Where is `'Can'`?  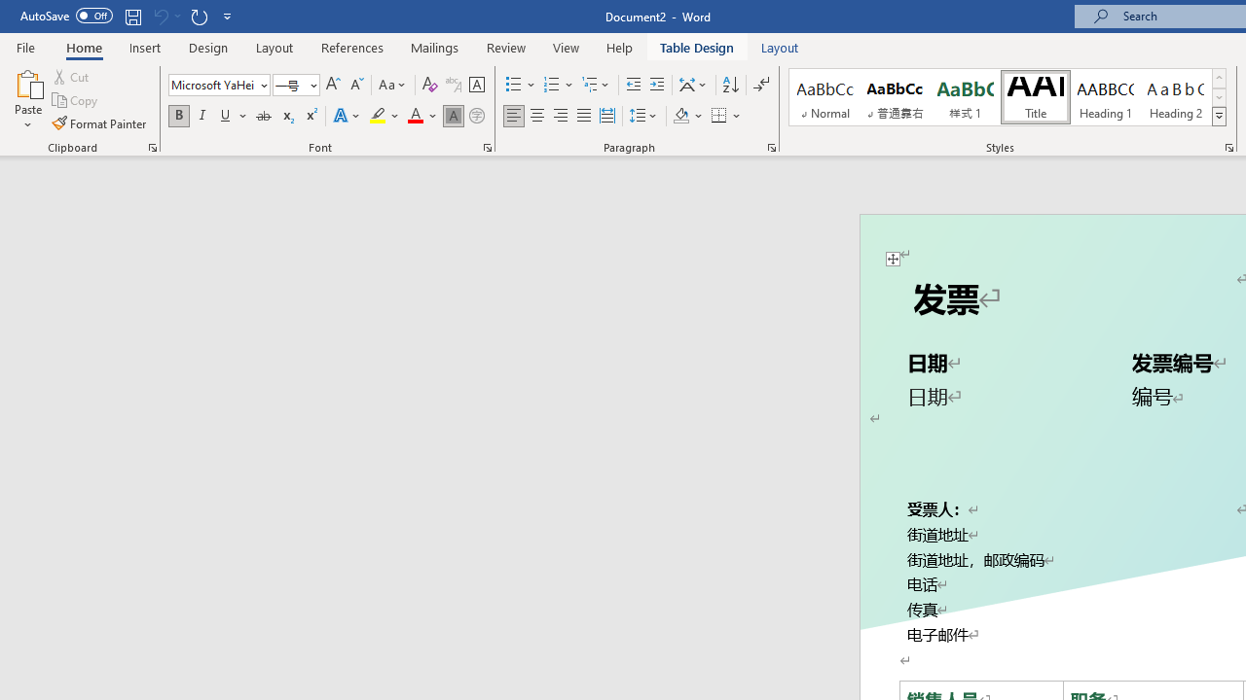 'Can' is located at coordinates (165, 16).